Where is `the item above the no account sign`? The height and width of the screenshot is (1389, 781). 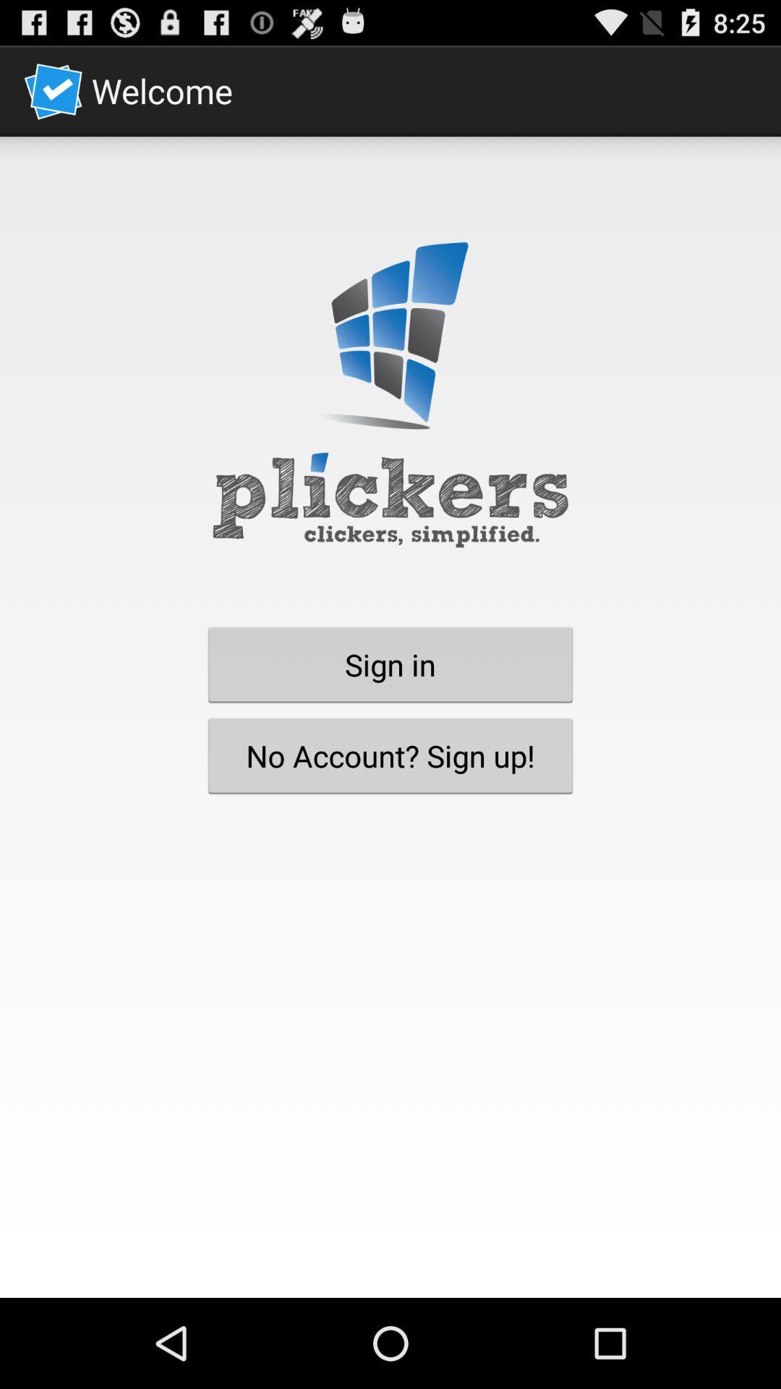
the item above the no account sign is located at coordinates (390, 663).